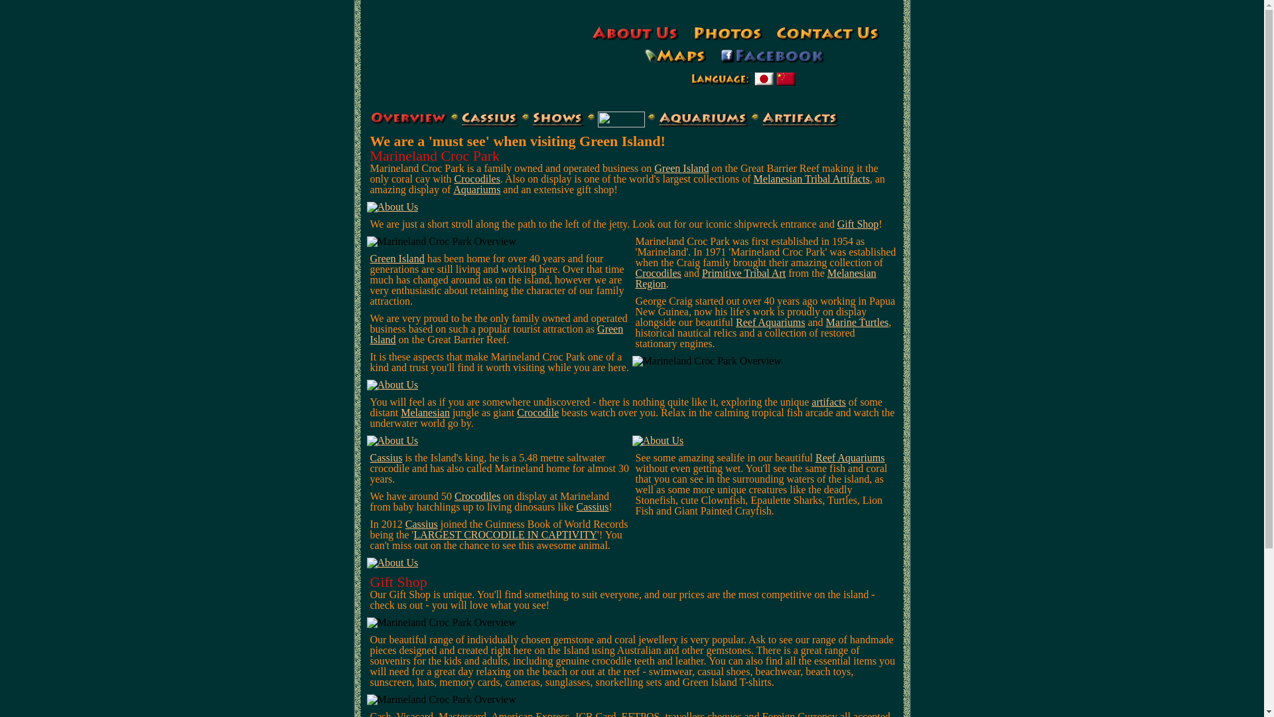  What do you see at coordinates (681, 167) in the screenshot?
I see `'Green Island'` at bounding box center [681, 167].